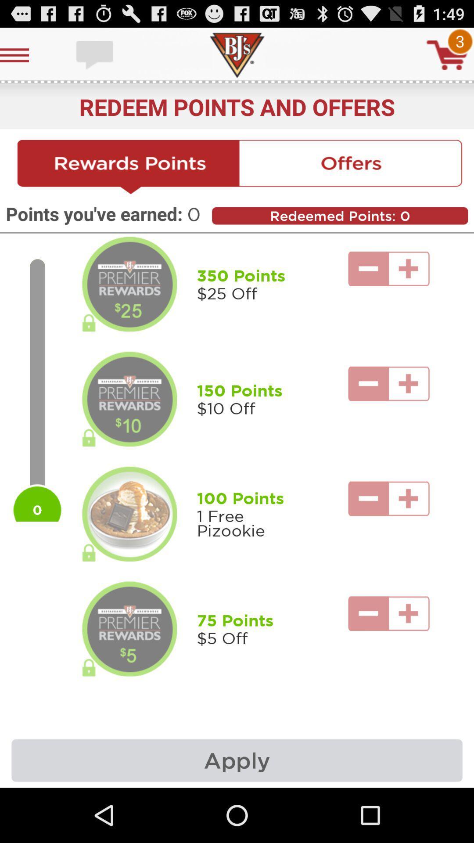  I want to click on take to description of the item, so click(129, 284).